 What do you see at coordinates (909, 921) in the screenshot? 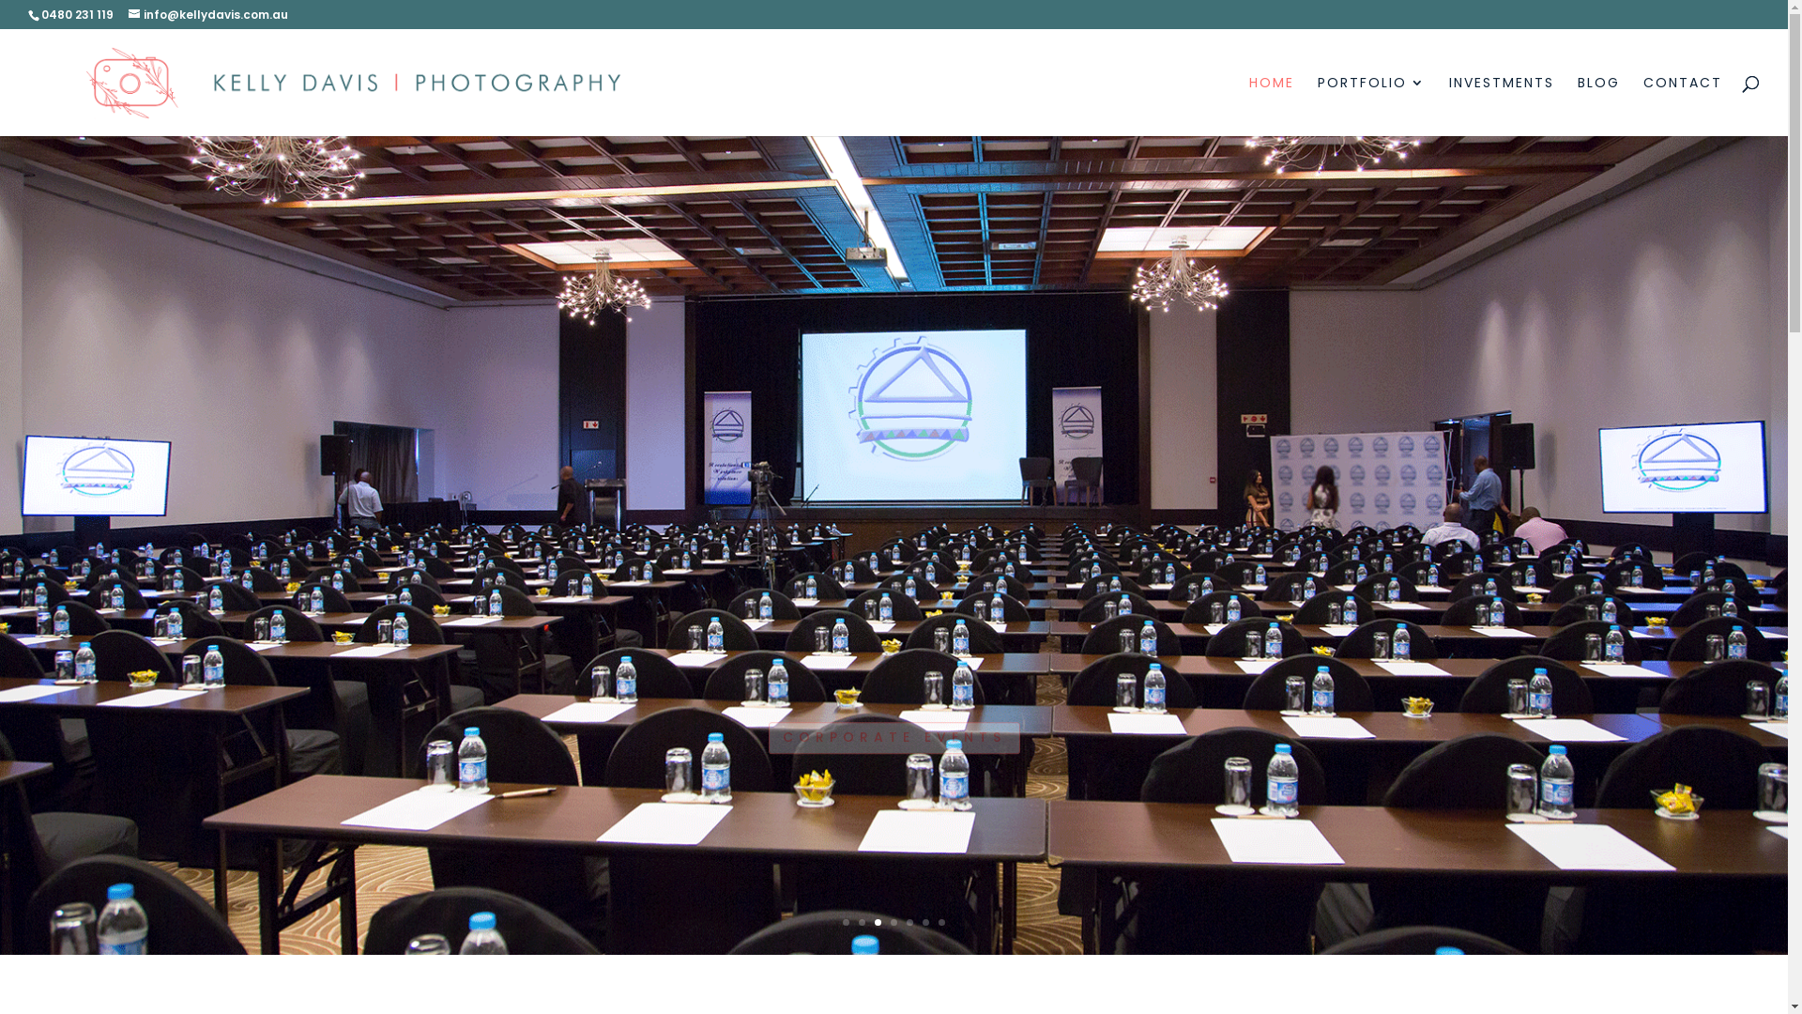
I see `'5'` at bounding box center [909, 921].